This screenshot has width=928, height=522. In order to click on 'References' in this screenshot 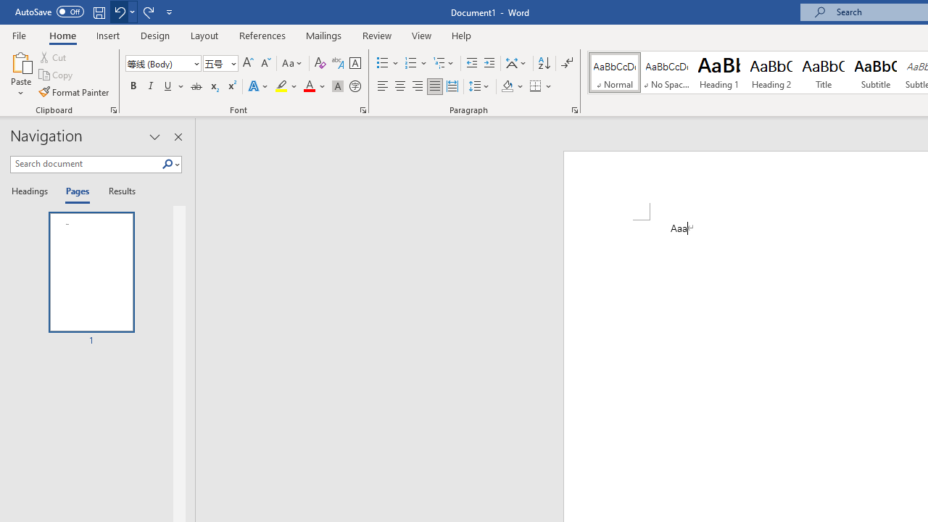, I will do `click(262, 35)`.